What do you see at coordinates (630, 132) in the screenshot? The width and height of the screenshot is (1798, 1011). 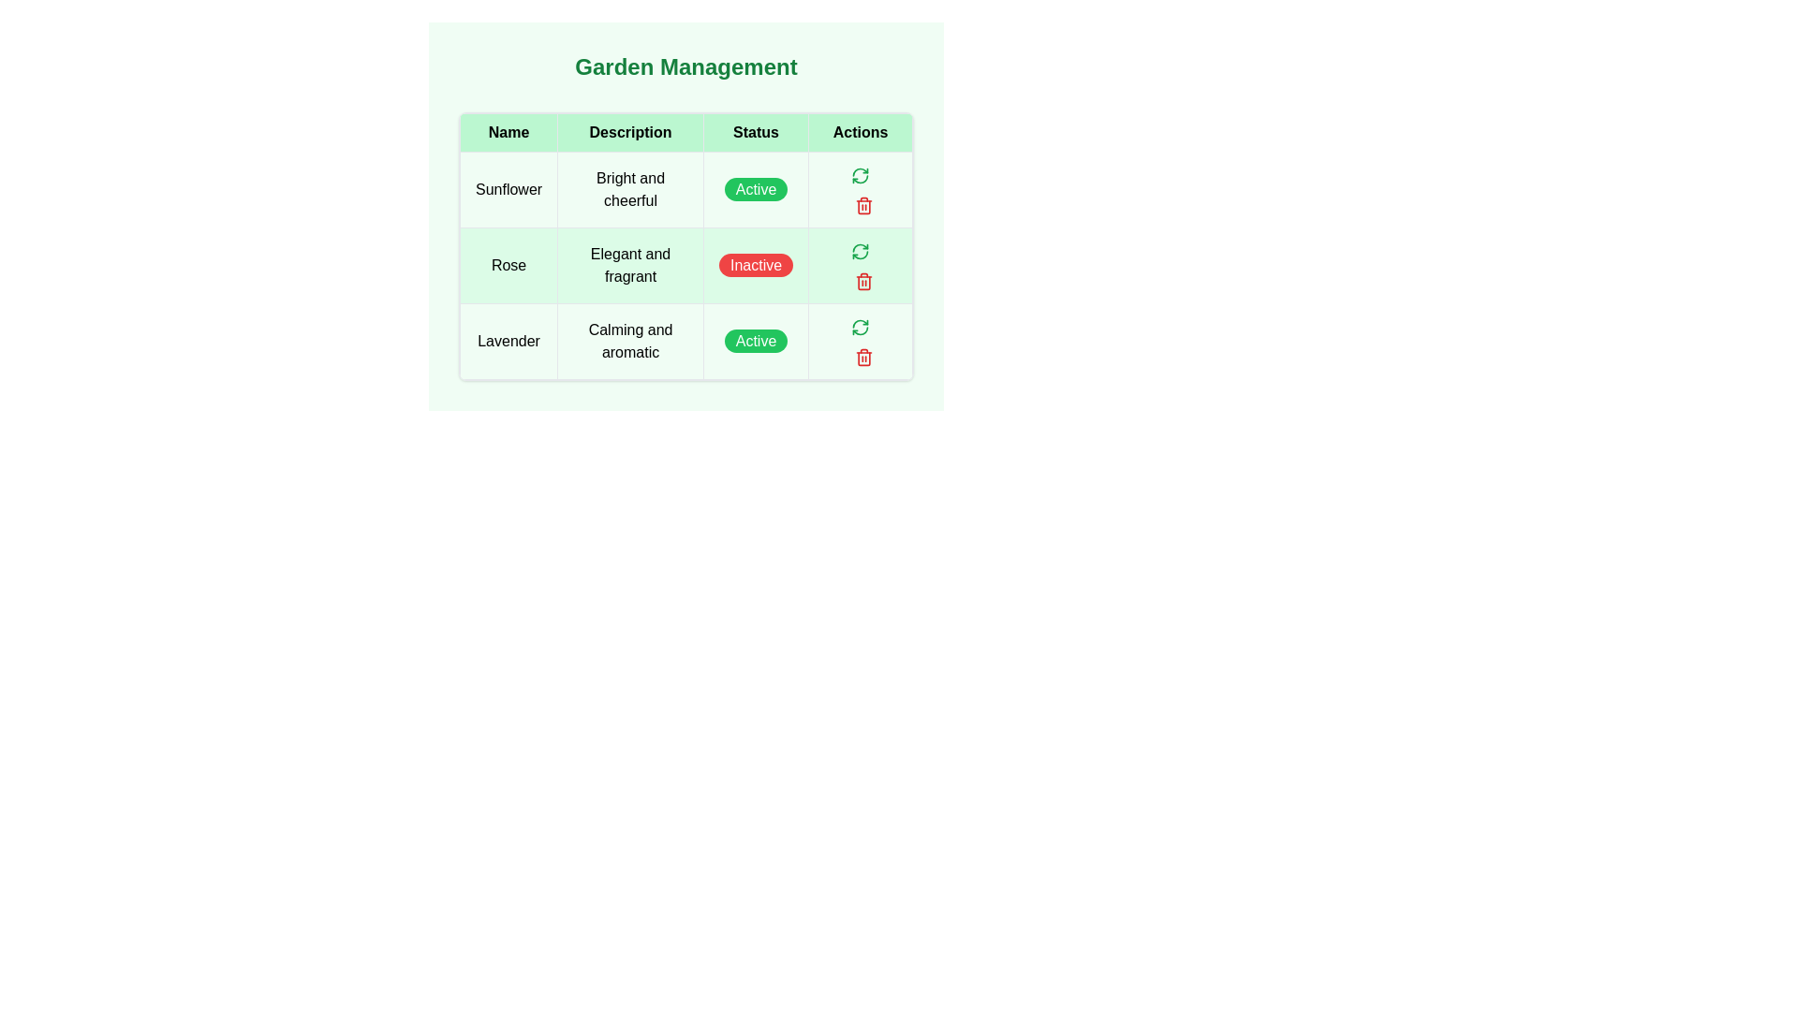 I see `the Table header cell with a green background containing the text 'Description' in bold, black font, which is the second cell from the left in the header row of the table` at bounding box center [630, 132].